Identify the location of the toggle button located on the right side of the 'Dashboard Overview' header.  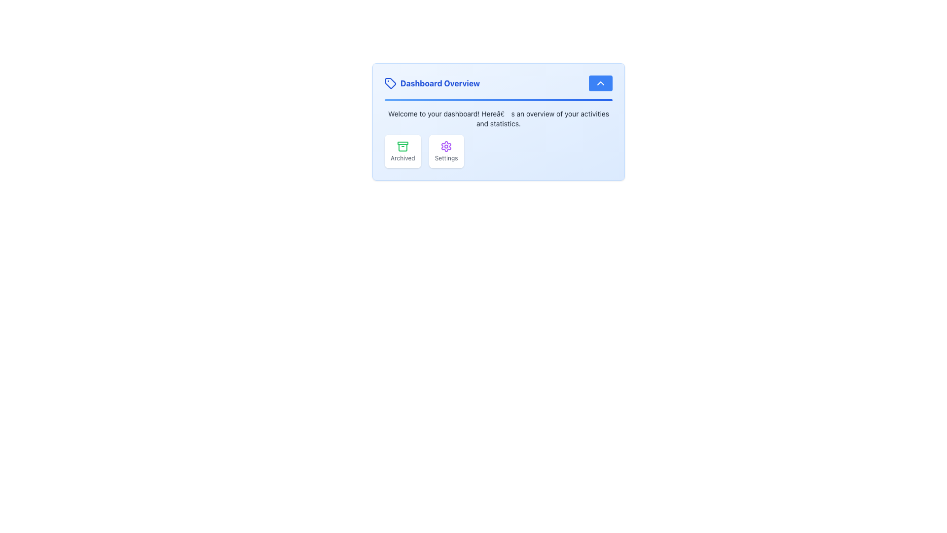
(600, 83).